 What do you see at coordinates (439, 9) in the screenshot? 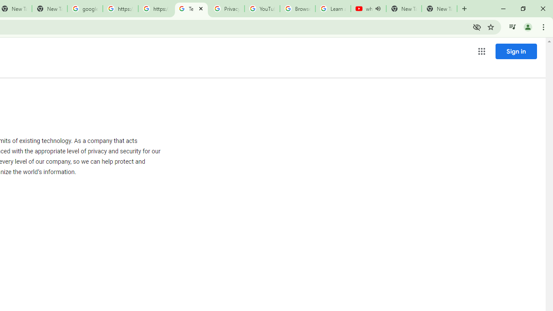
I see `'New Tab'` at bounding box center [439, 9].